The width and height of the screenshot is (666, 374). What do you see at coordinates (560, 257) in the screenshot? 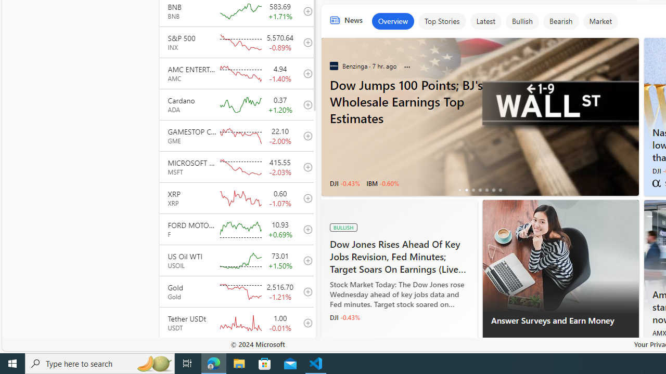
I see `'Answer Surveys and Earn Money'` at bounding box center [560, 257].